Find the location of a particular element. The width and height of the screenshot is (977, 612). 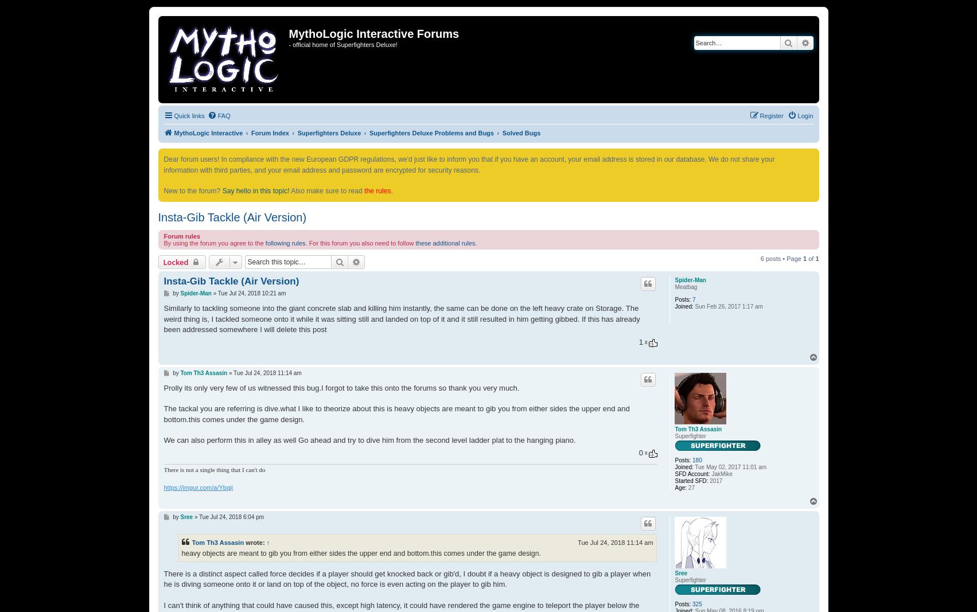

'2017' is located at coordinates (714, 480).